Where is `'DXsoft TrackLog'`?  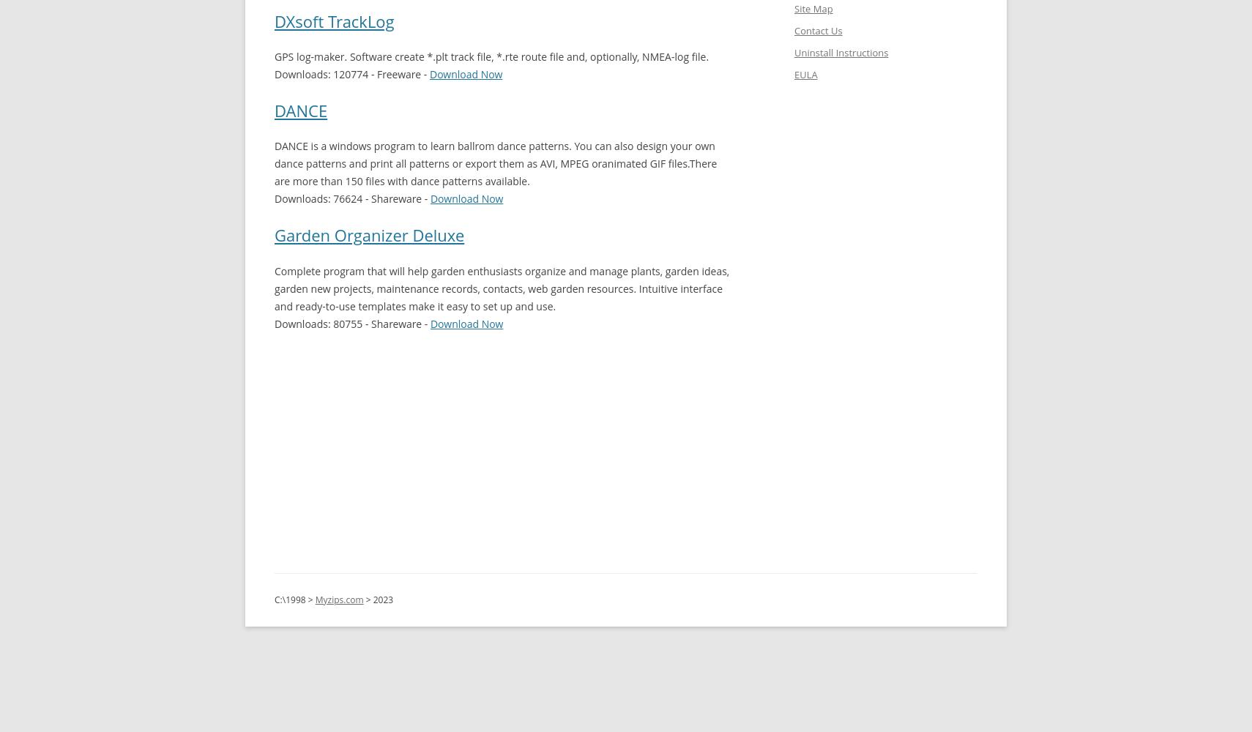
'DXsoft TrackLog' is located at coordinates (274, 20).